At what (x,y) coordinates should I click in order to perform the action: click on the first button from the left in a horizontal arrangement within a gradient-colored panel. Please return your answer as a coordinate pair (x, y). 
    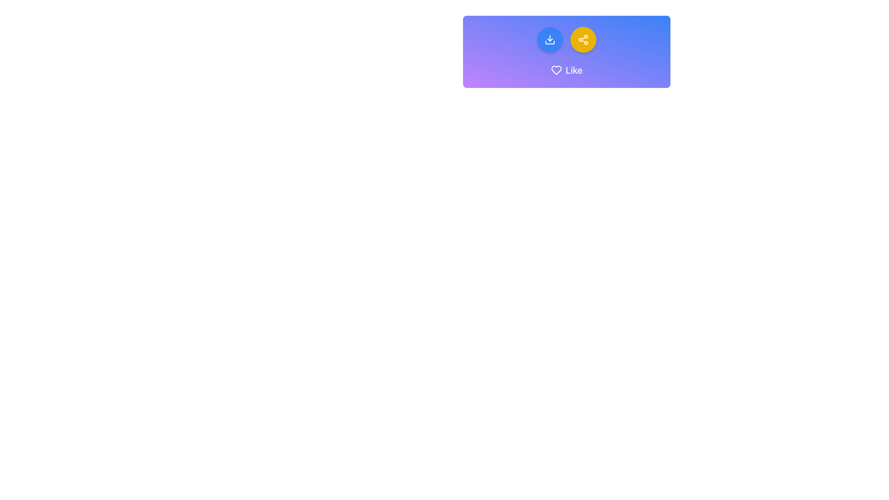
    Looking at the image, I should click on (550, 39).